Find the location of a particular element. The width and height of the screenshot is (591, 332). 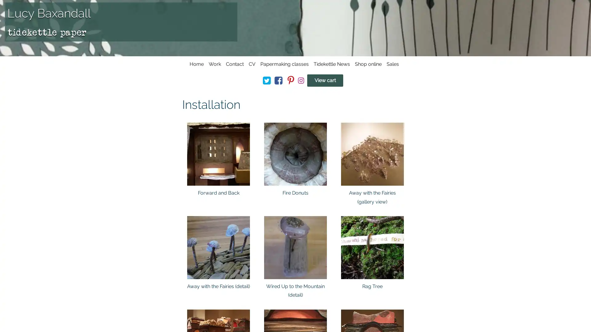

View cart is located at coordinates (324, 80).